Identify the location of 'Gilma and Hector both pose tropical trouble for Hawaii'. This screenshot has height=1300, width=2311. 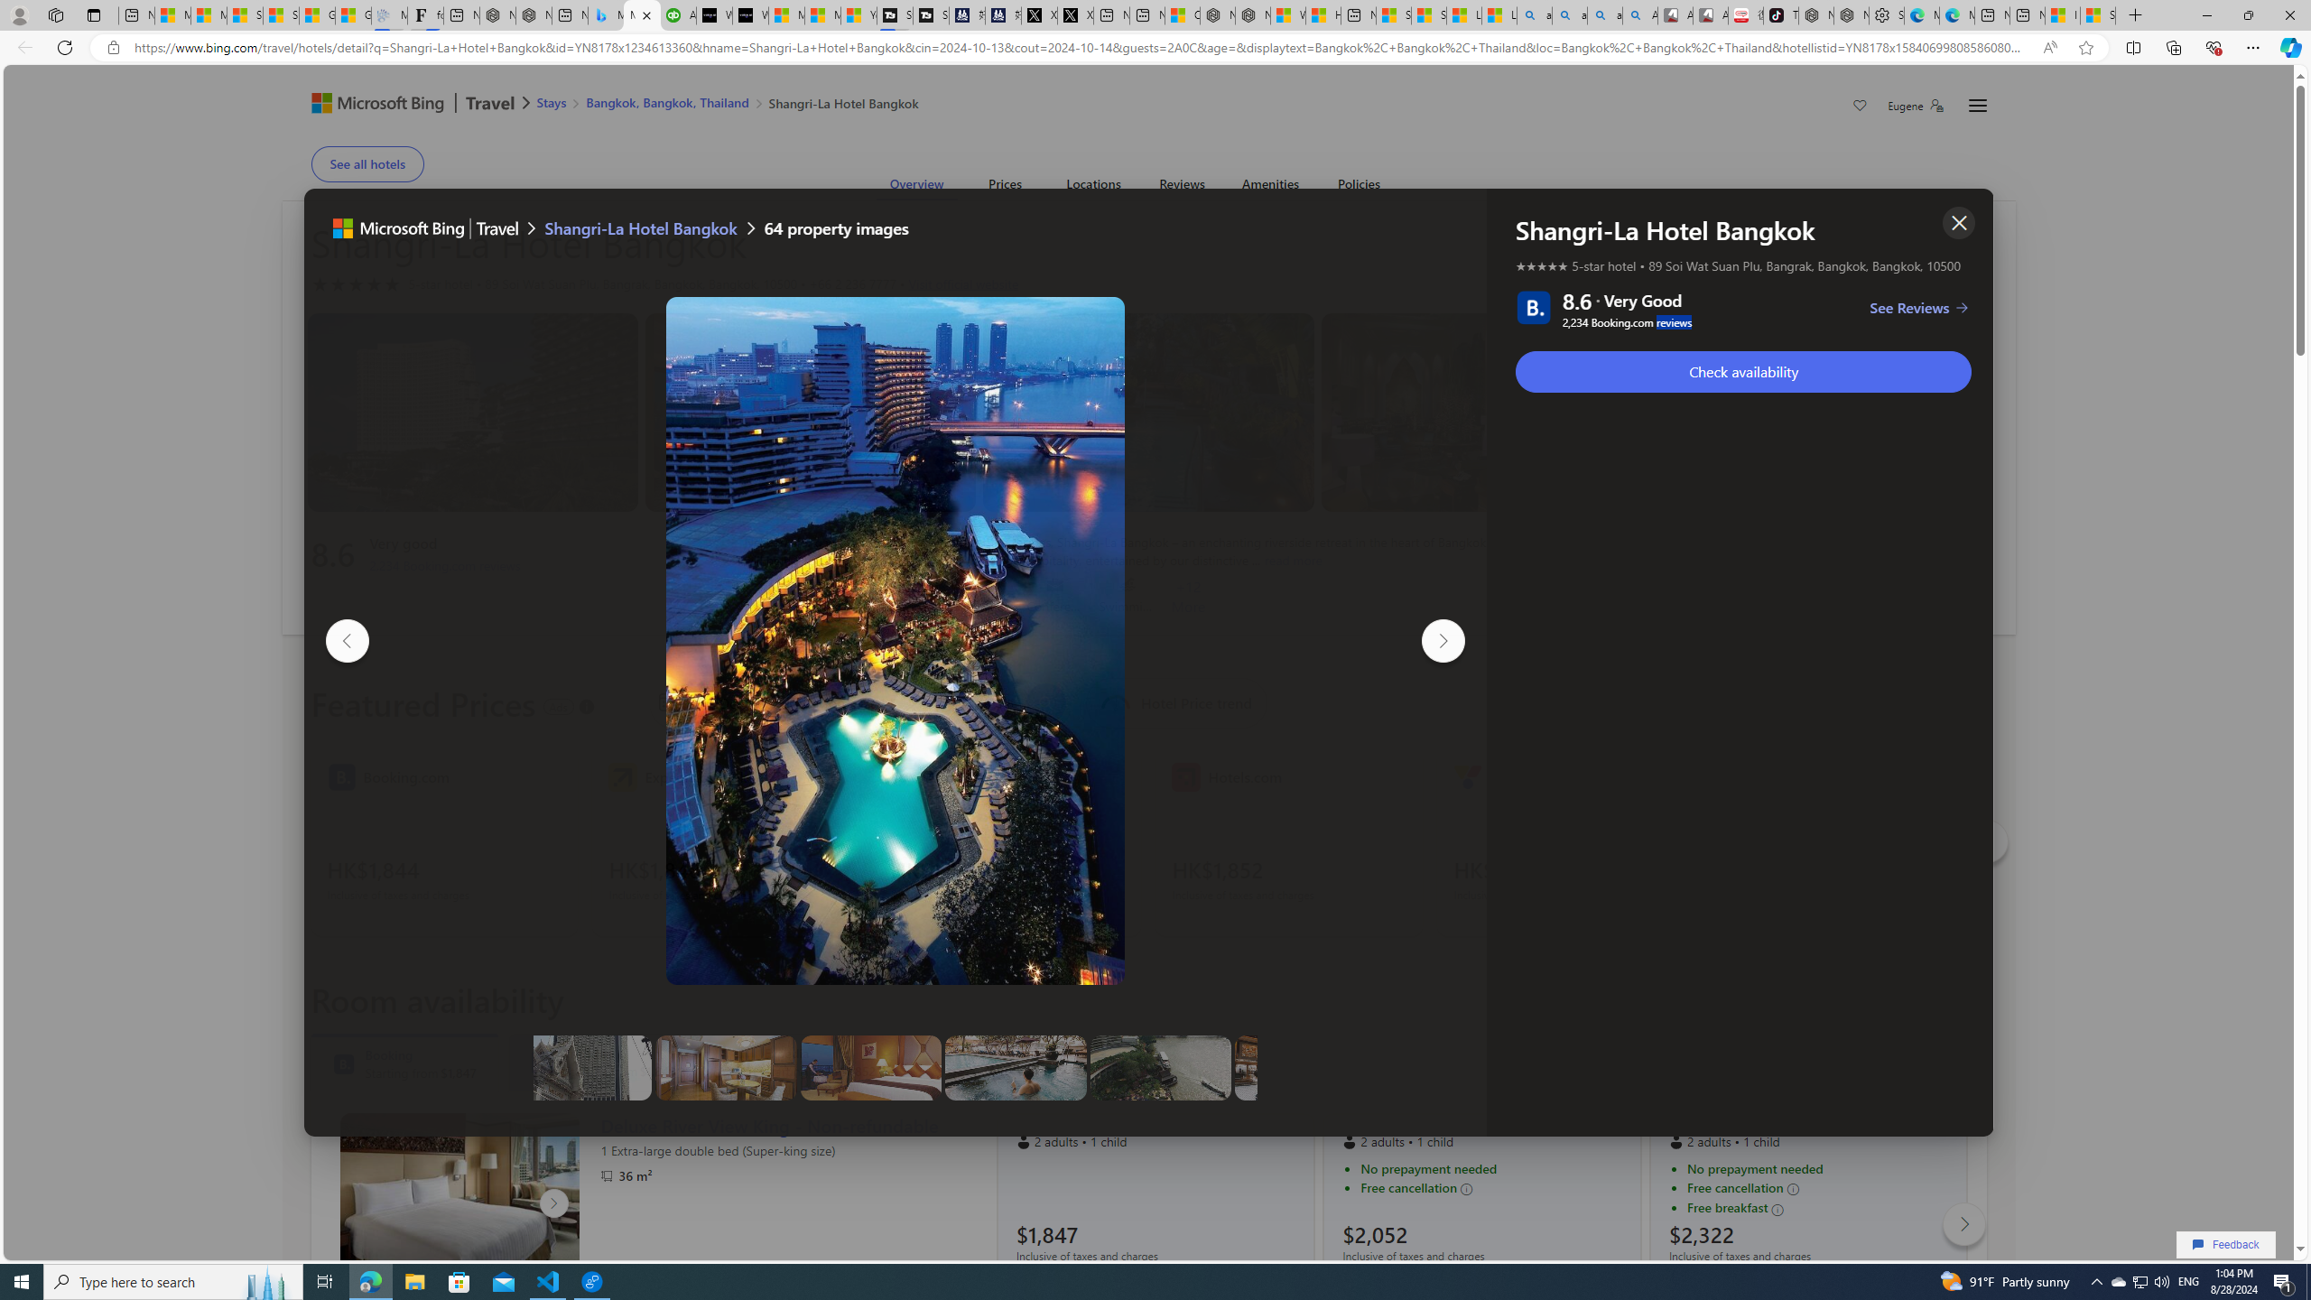
(353, 14).